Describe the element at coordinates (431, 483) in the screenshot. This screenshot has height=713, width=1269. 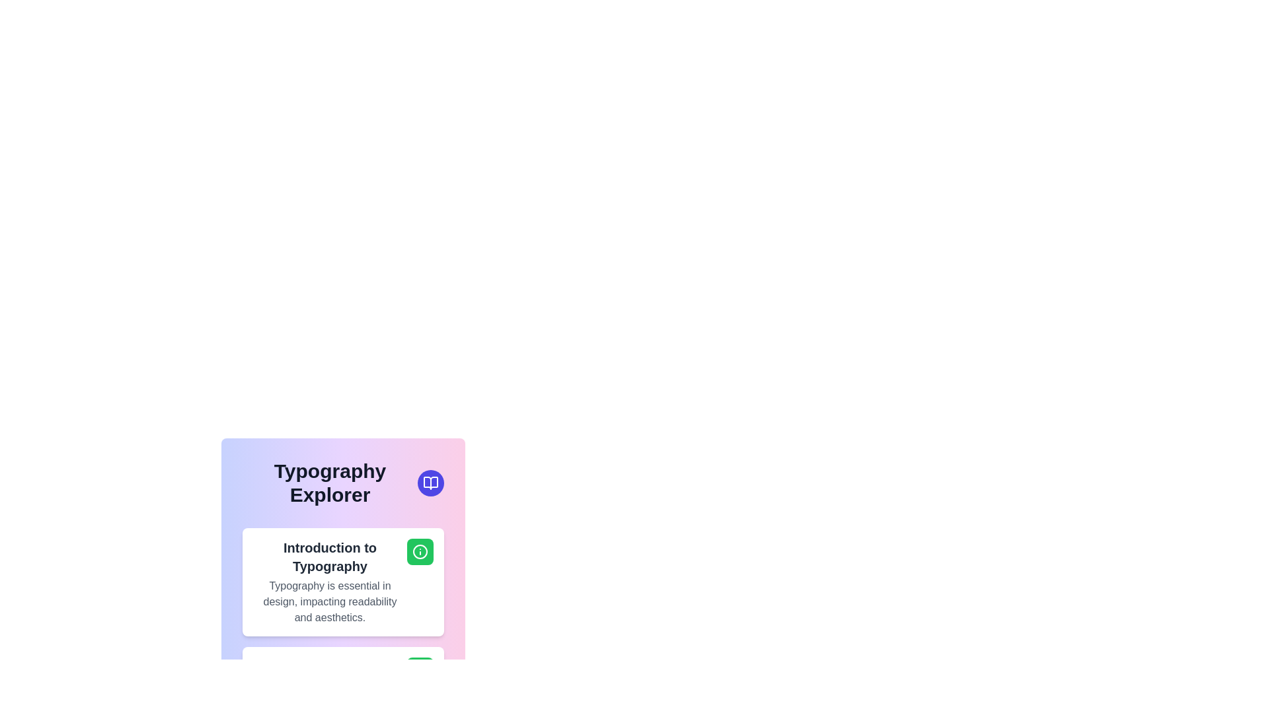
I see `the stylized open book icon with a white design on a circular purple background located in the top-right corner of the 'Typography Explorer' card` at that location.